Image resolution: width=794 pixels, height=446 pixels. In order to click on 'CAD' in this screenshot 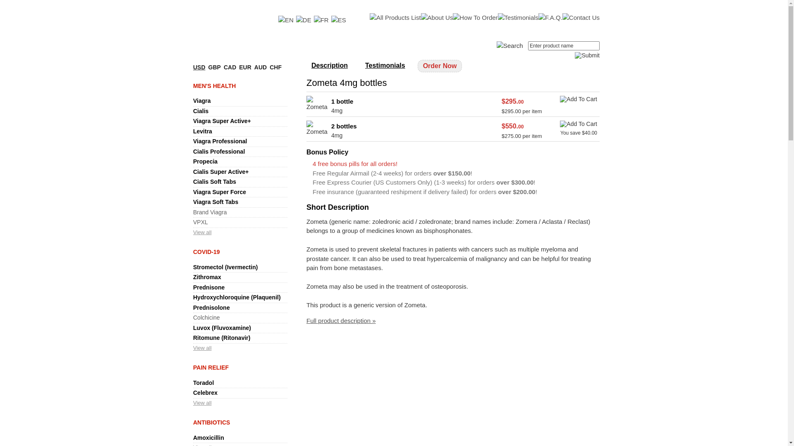, I will do `click(230, 66)`.